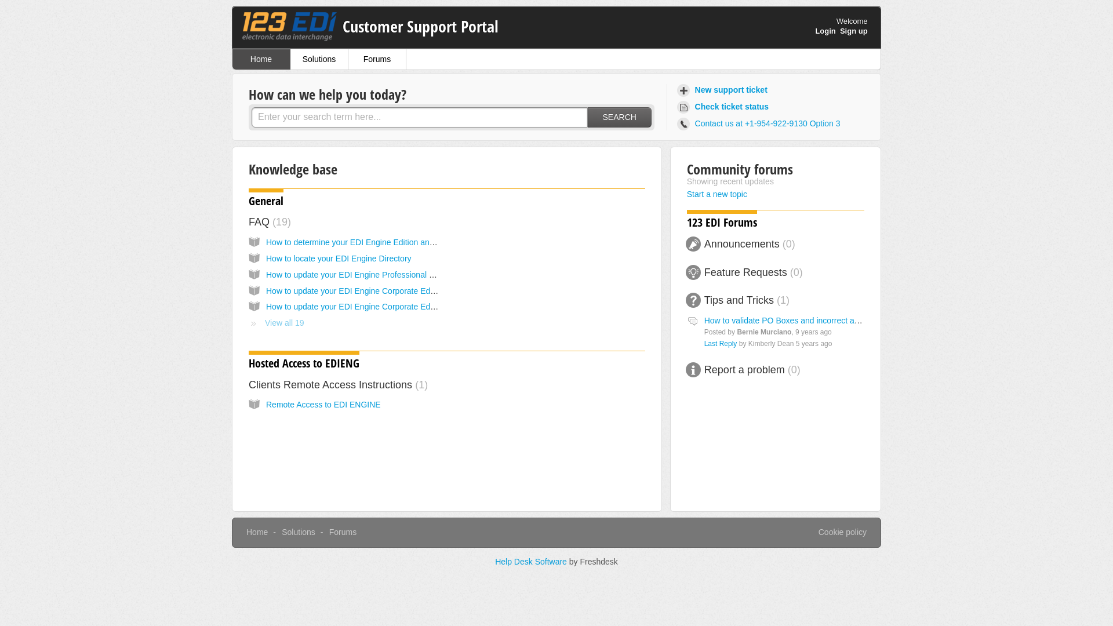  Describe the element at coordinates (754, 272) in the screenshot. I see `'Feature Requests 0'` at that location.